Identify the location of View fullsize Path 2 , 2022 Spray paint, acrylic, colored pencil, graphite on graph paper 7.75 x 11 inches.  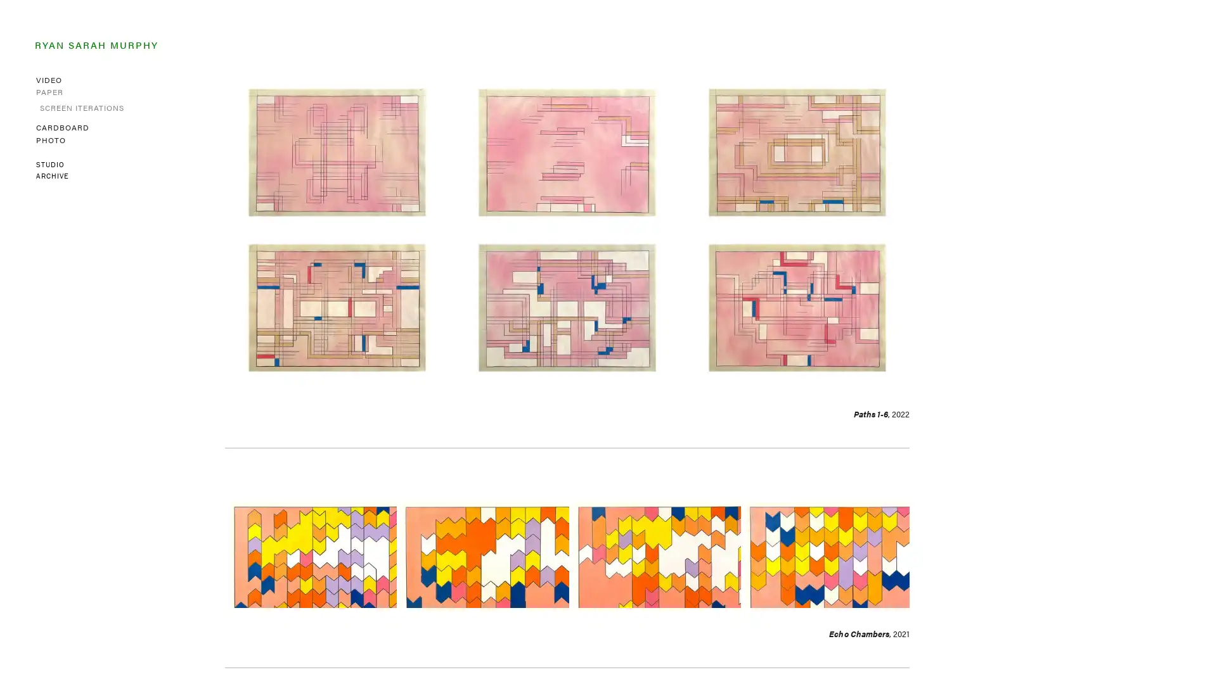
(566, 151).